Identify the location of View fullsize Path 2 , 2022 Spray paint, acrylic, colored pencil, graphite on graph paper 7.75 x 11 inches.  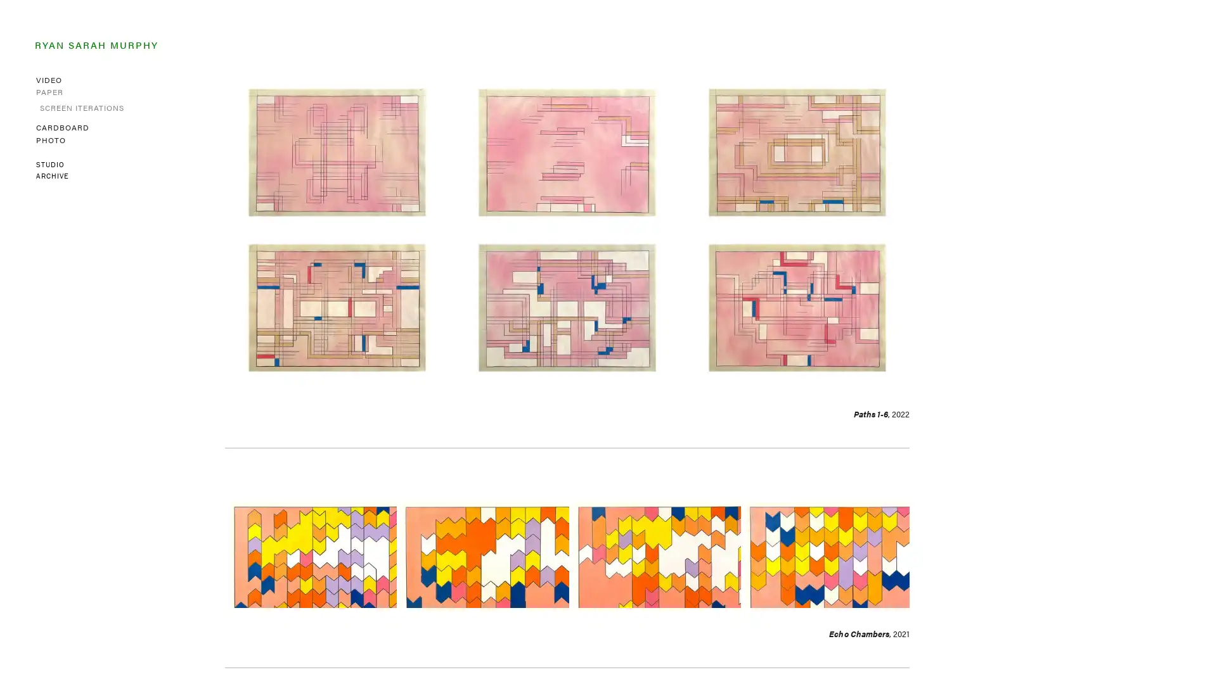
(566, 151).